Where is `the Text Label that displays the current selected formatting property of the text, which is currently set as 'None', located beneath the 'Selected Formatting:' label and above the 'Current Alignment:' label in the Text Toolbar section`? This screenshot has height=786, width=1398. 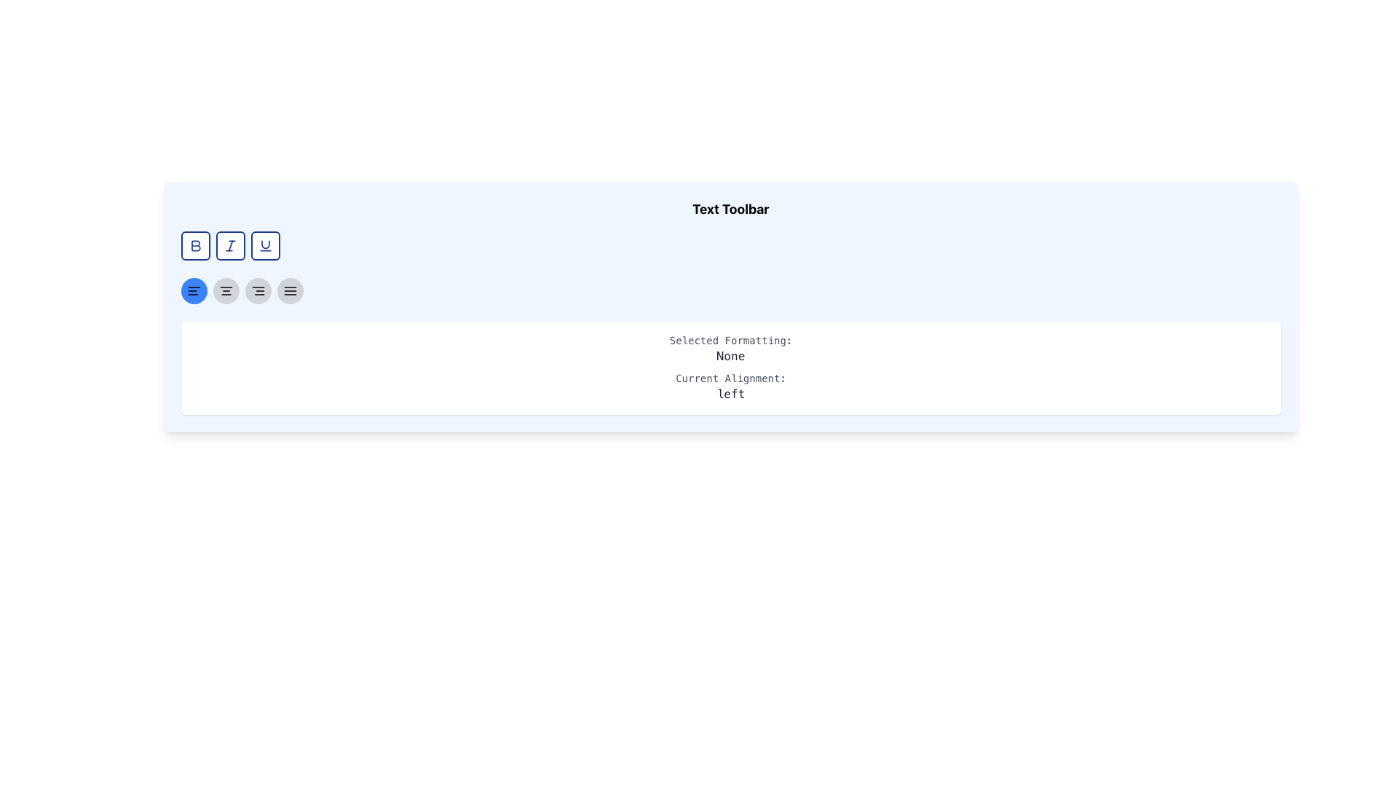 the Text Label that displays the current selected formatting property of the text, which is currently set as 'None', located beneath the 'Selected Formatting:' label and above the 'Current Alignment:' label in the Text Toolbar section is located at coordinates (730, 356).